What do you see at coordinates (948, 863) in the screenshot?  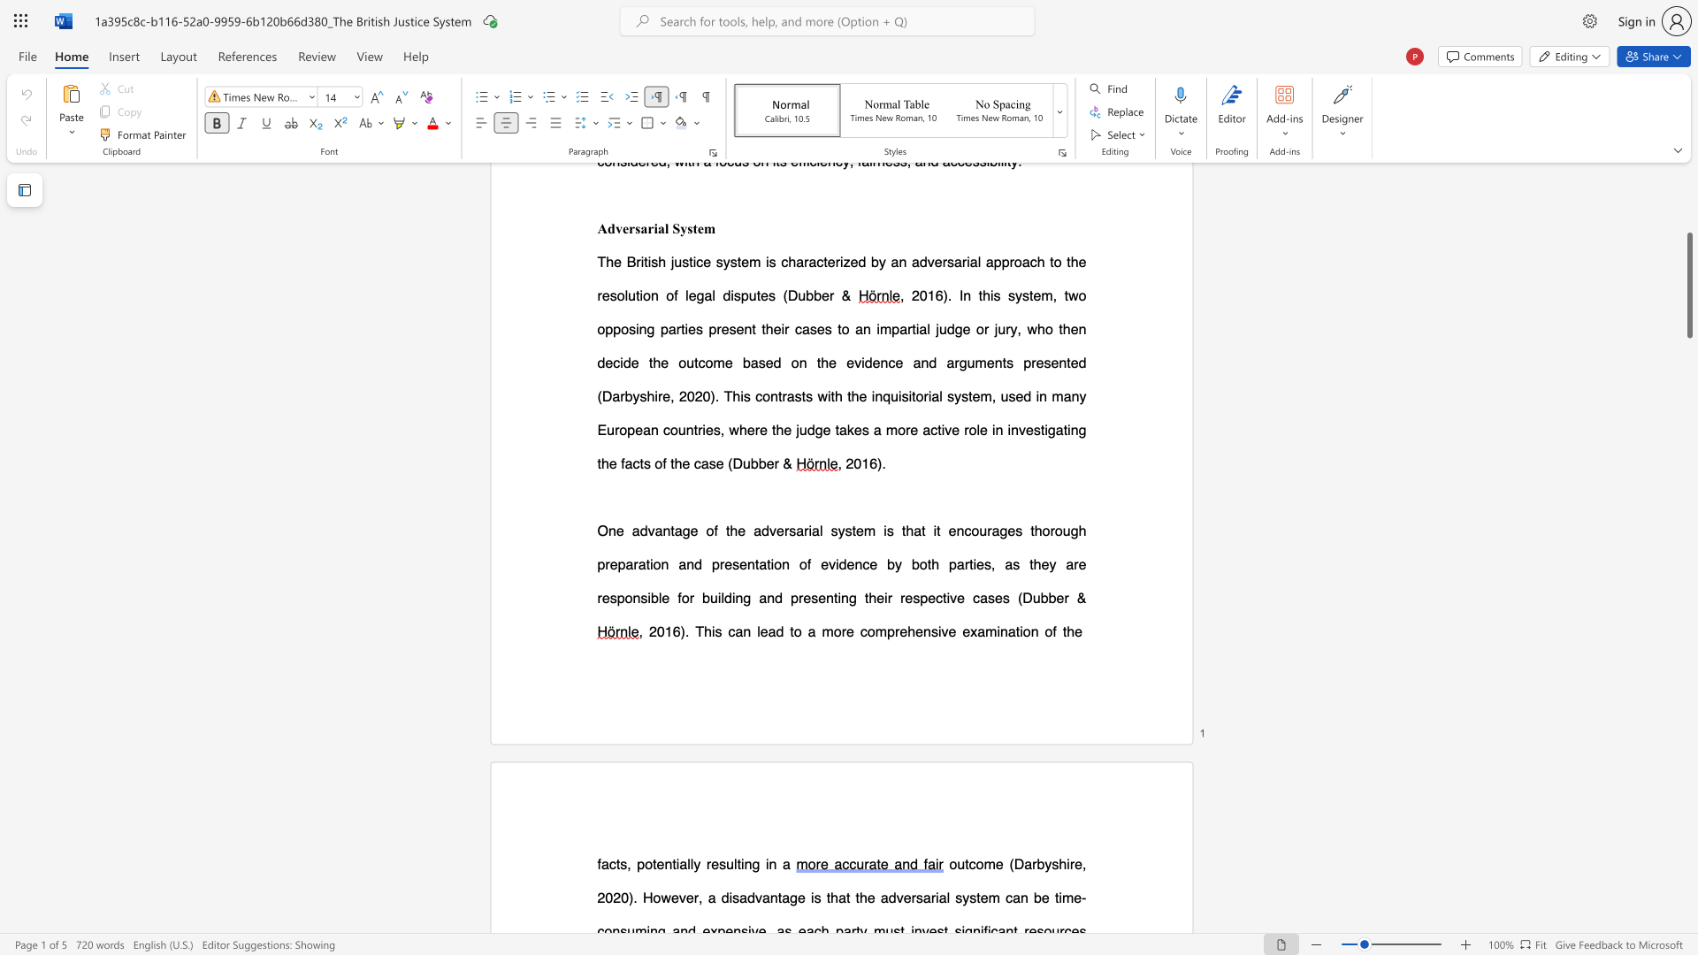 I see `the subset text "outcome (D" within the text "outcome (Darbyshire,"` at bounding box center [948, 863].